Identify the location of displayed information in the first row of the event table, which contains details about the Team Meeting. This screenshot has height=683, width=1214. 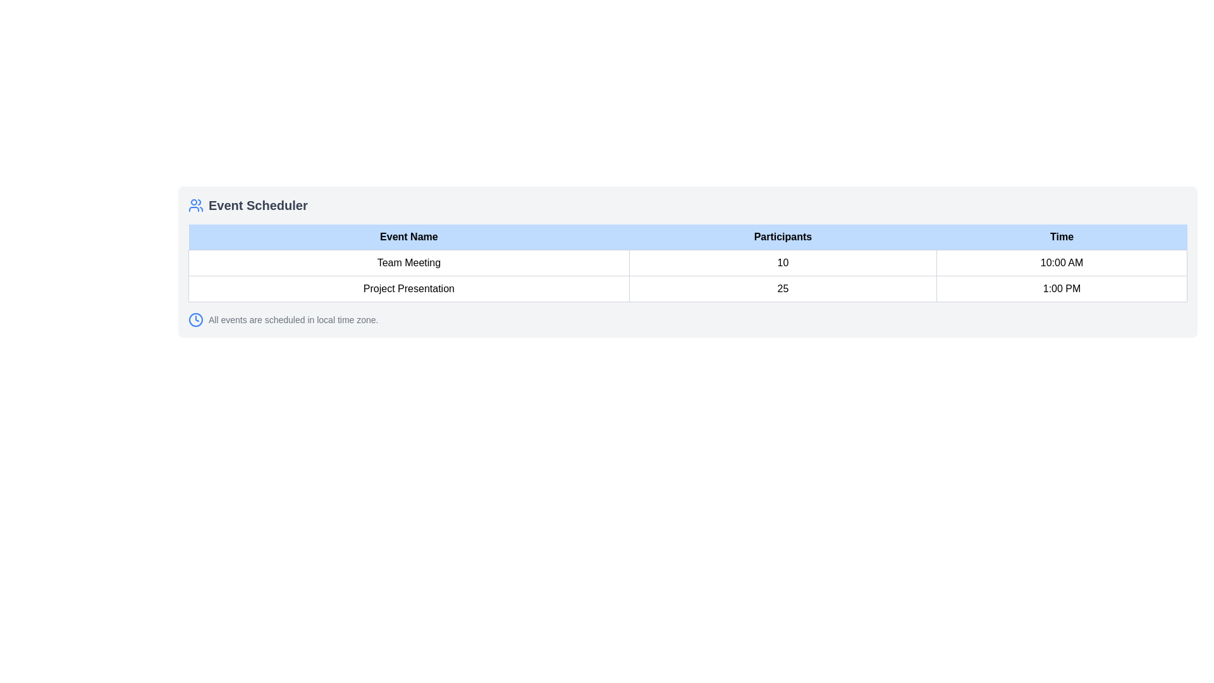
(687, 262).